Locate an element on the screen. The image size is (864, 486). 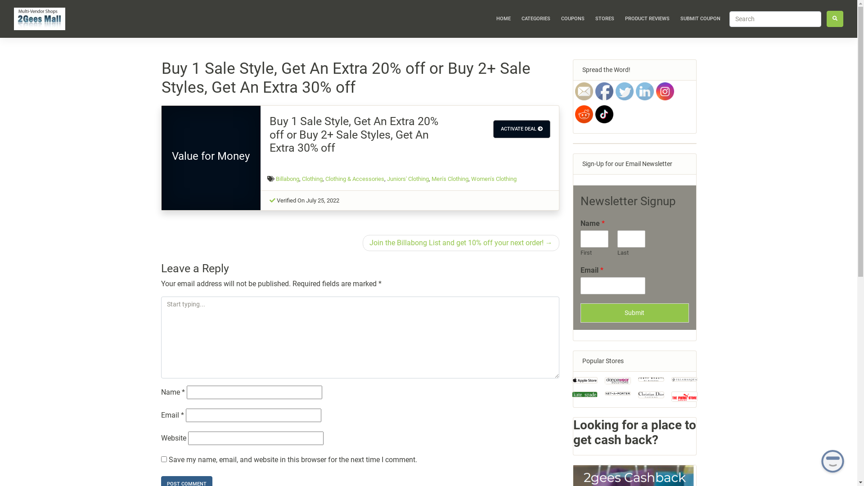
'Follow by Email' is located at coordinates (574, 91).